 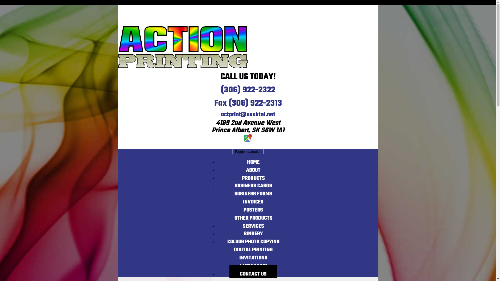 What do you see at coordinates (244, 137) in the screenshot?
I see `'Google Map Icon'` at bounding box center [244, 137].